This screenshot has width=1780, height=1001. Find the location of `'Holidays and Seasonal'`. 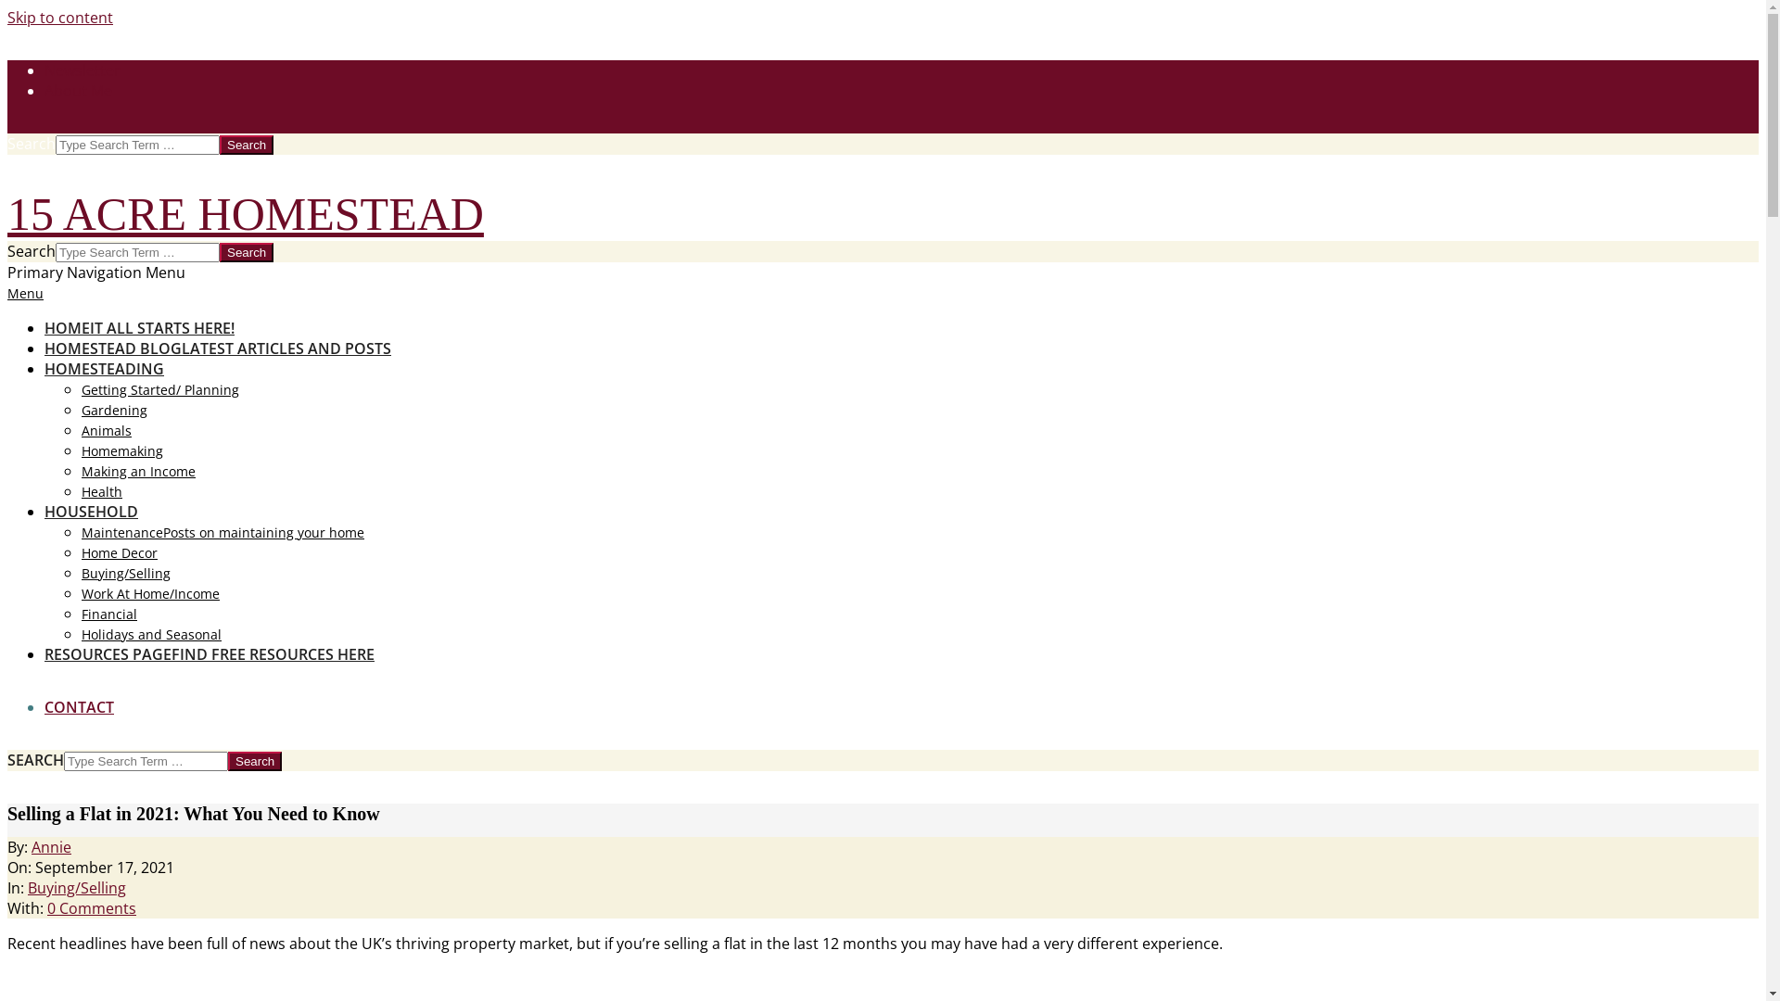

'Holidays and Seasonal' is located at coordinates (151, 633).